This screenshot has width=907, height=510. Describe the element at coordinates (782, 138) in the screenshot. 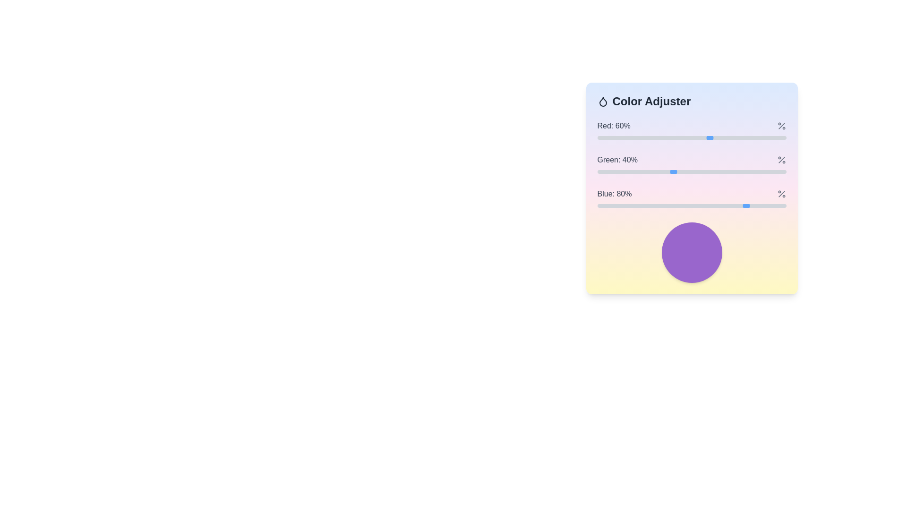

I see `the red color level to 98% by moving the slider` at that location.